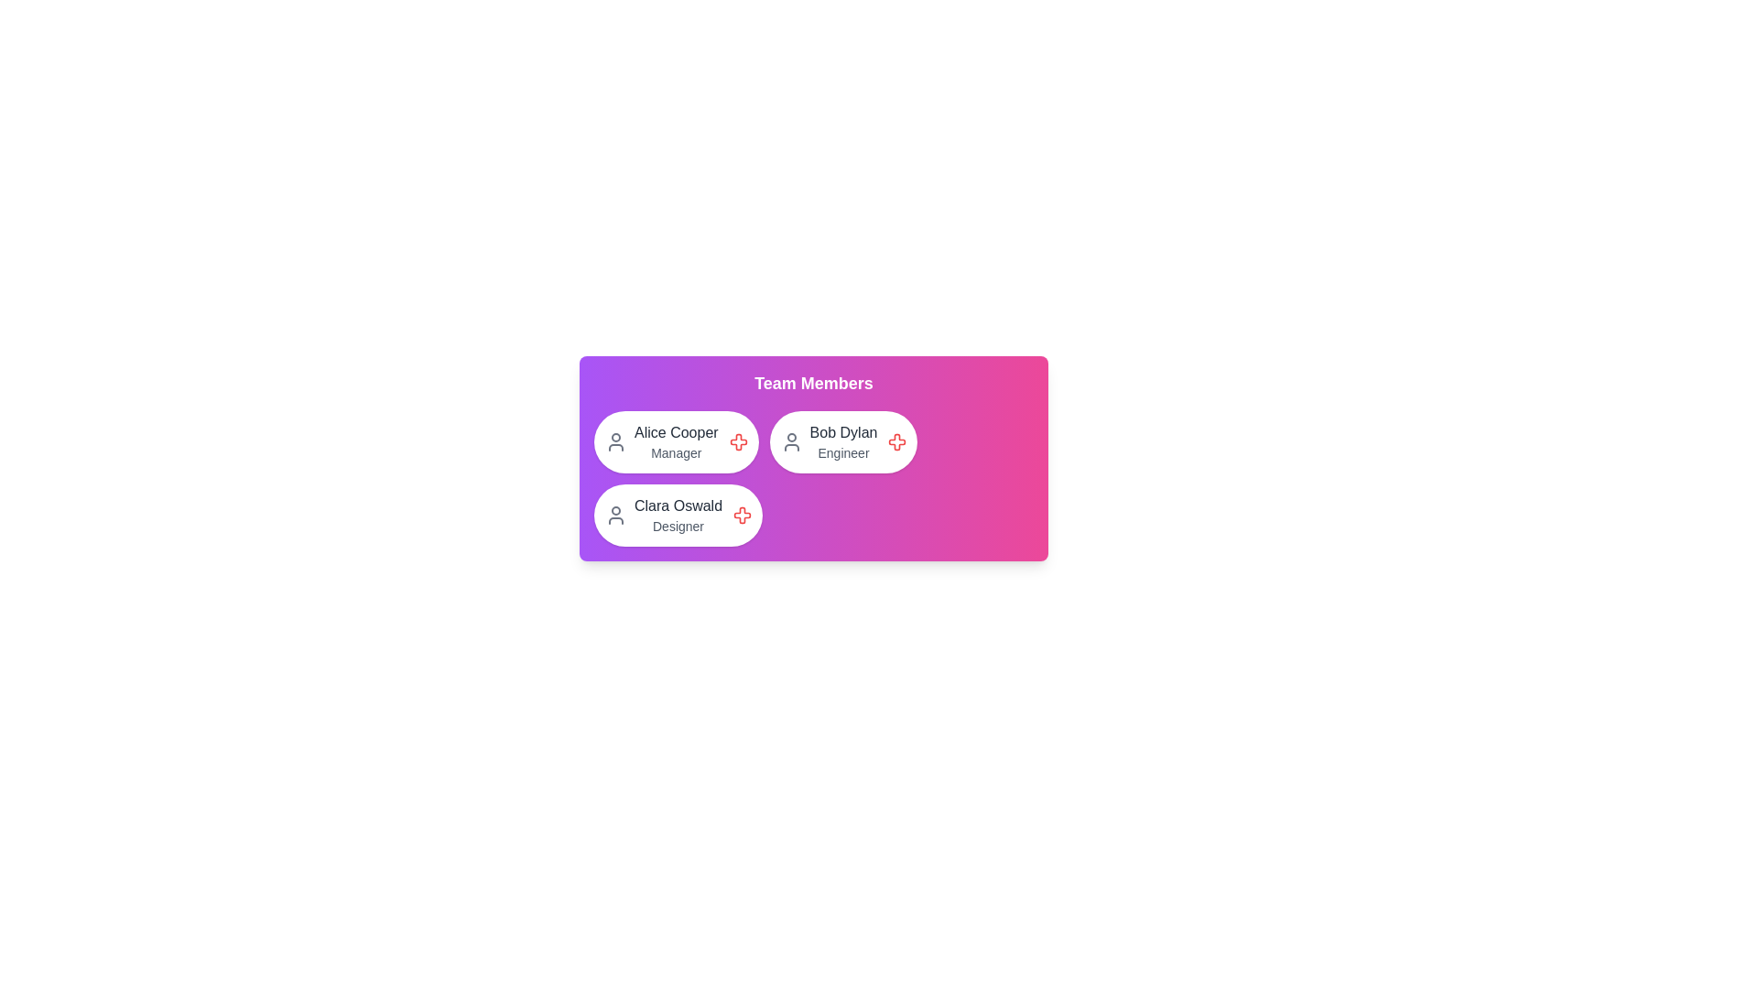 This screenshot has width=1758, height=989. I want to click on the close button of the avatar chip corresponding to Clara Oswald, so click(743, 516).